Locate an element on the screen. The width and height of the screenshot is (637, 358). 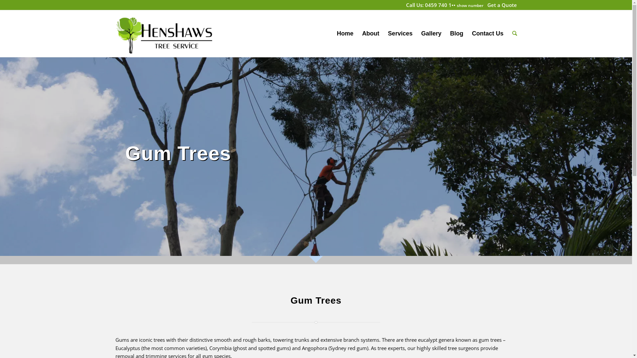
'Services' is located at coordinates (399, 33).